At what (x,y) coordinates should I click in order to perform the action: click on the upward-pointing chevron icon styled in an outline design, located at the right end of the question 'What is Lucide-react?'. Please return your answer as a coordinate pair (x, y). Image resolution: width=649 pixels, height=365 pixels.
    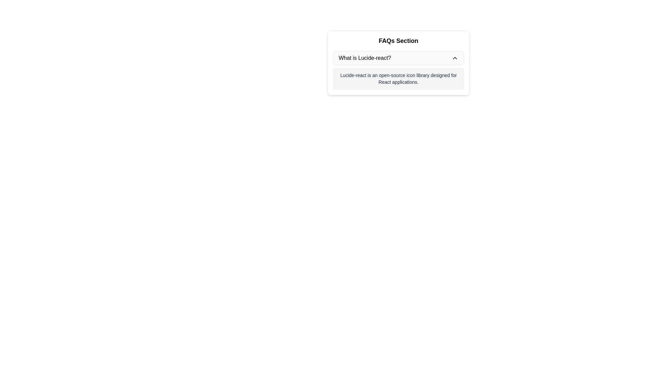
    Looking at the image, I should click on (455, 58).